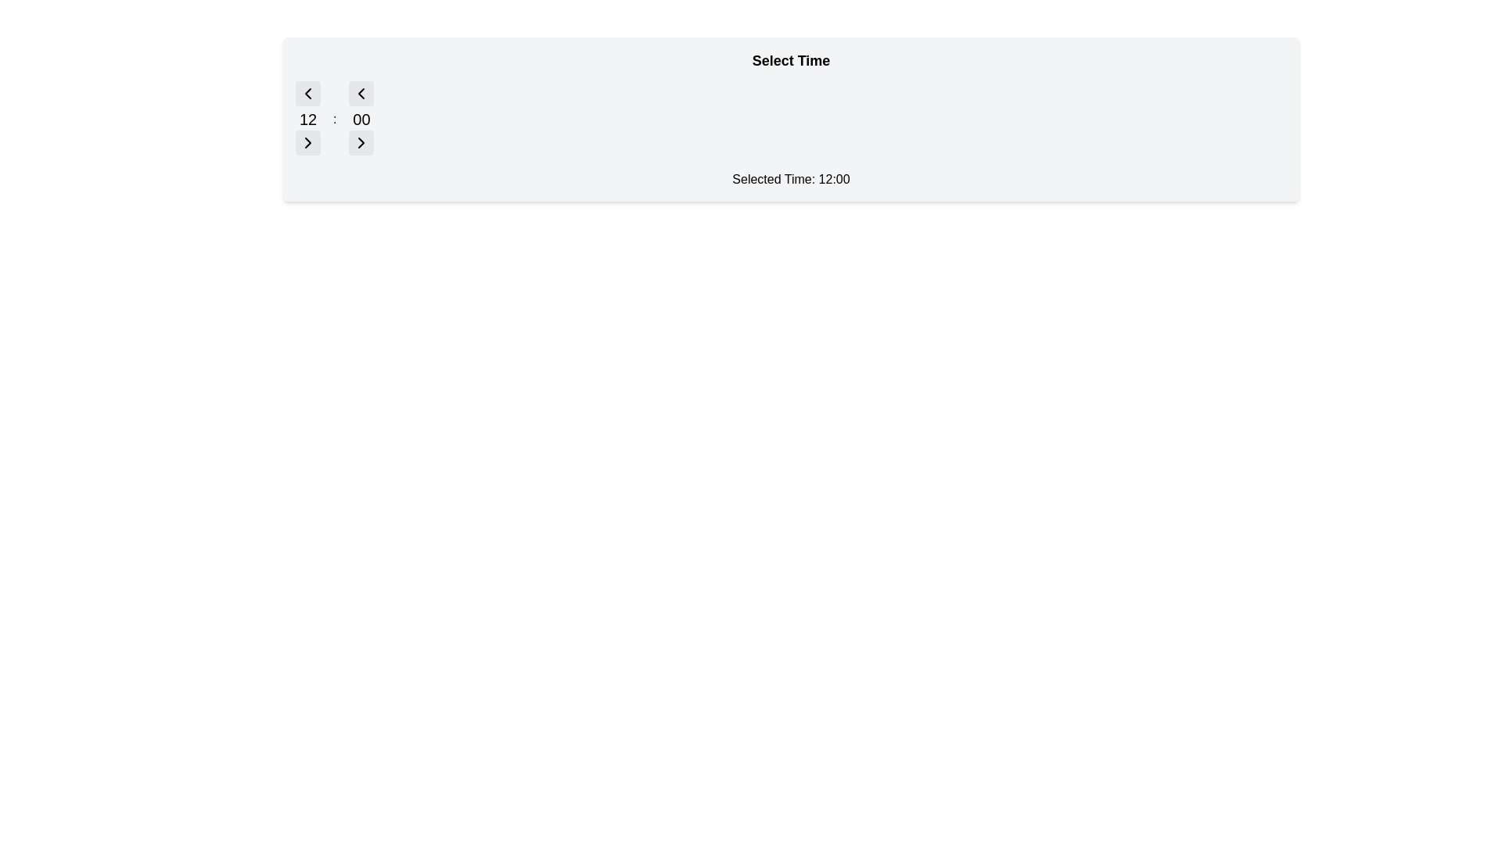  What do you see at coordinates (361, 142) in the screenshot?
I see `the small gray circular button with a right-facing chevron icon to visualize its hover effect` at bounding box center [361, 142].